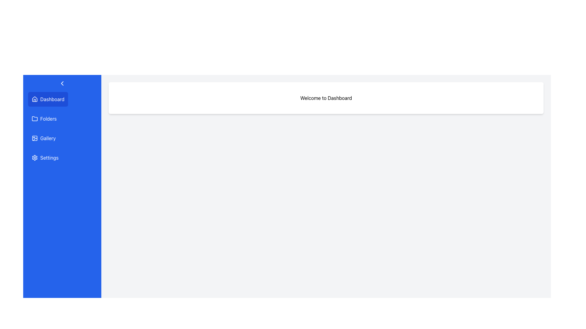 The width and height of the screenshot is (586, 329). I want to click on the third option in the vertical navigation menu, which is the Button for navigating to the Gallery section, so click(43, 138).